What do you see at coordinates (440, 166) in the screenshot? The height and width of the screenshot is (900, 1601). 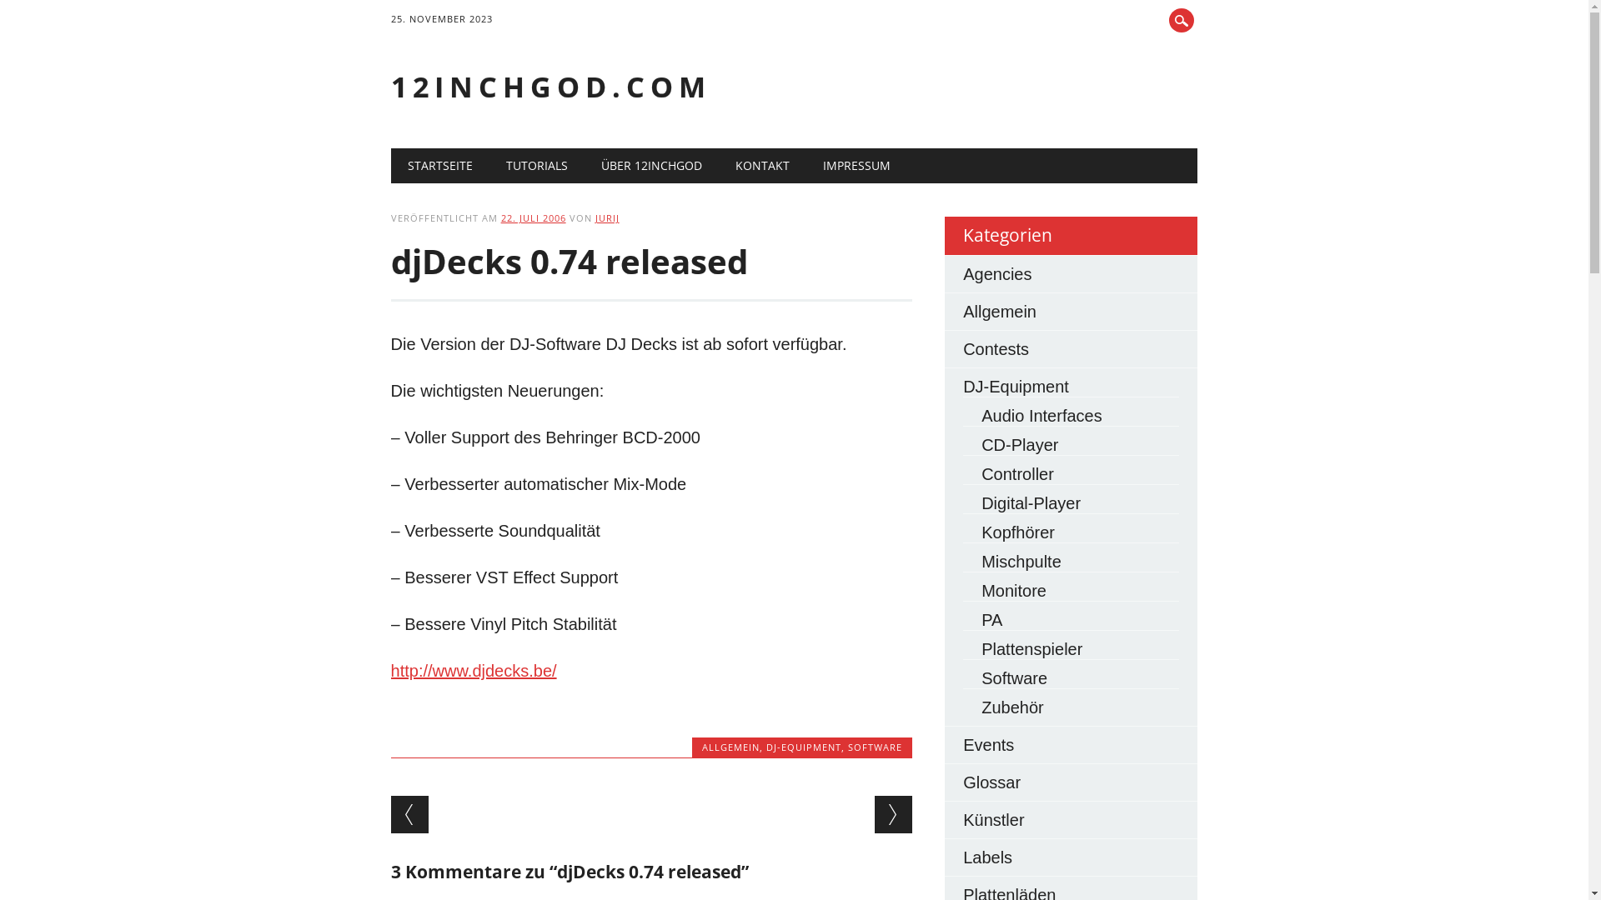 I see `'STARTSEITE'` at bounding box center [440, 166].